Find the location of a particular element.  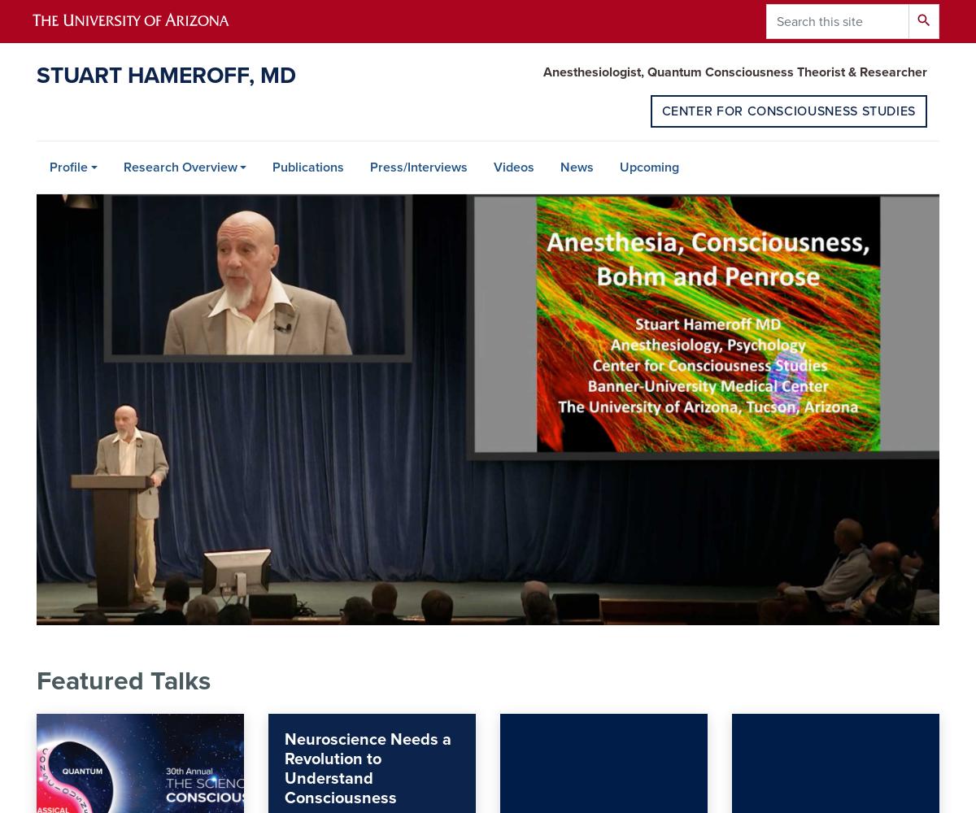

'Research Overview' is located at coordinates (179, 167).